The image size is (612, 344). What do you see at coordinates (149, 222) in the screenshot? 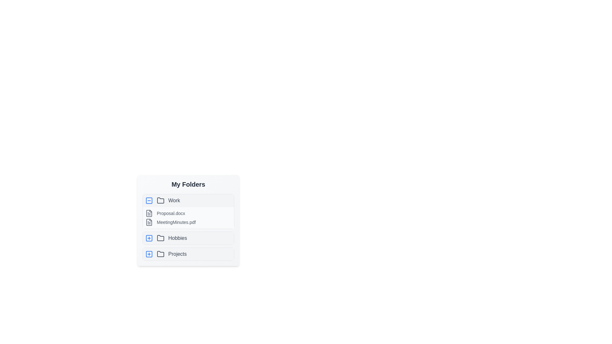
I see `the file MeetingMinutes.pdf to view its details` at bounding box center [149, 222].